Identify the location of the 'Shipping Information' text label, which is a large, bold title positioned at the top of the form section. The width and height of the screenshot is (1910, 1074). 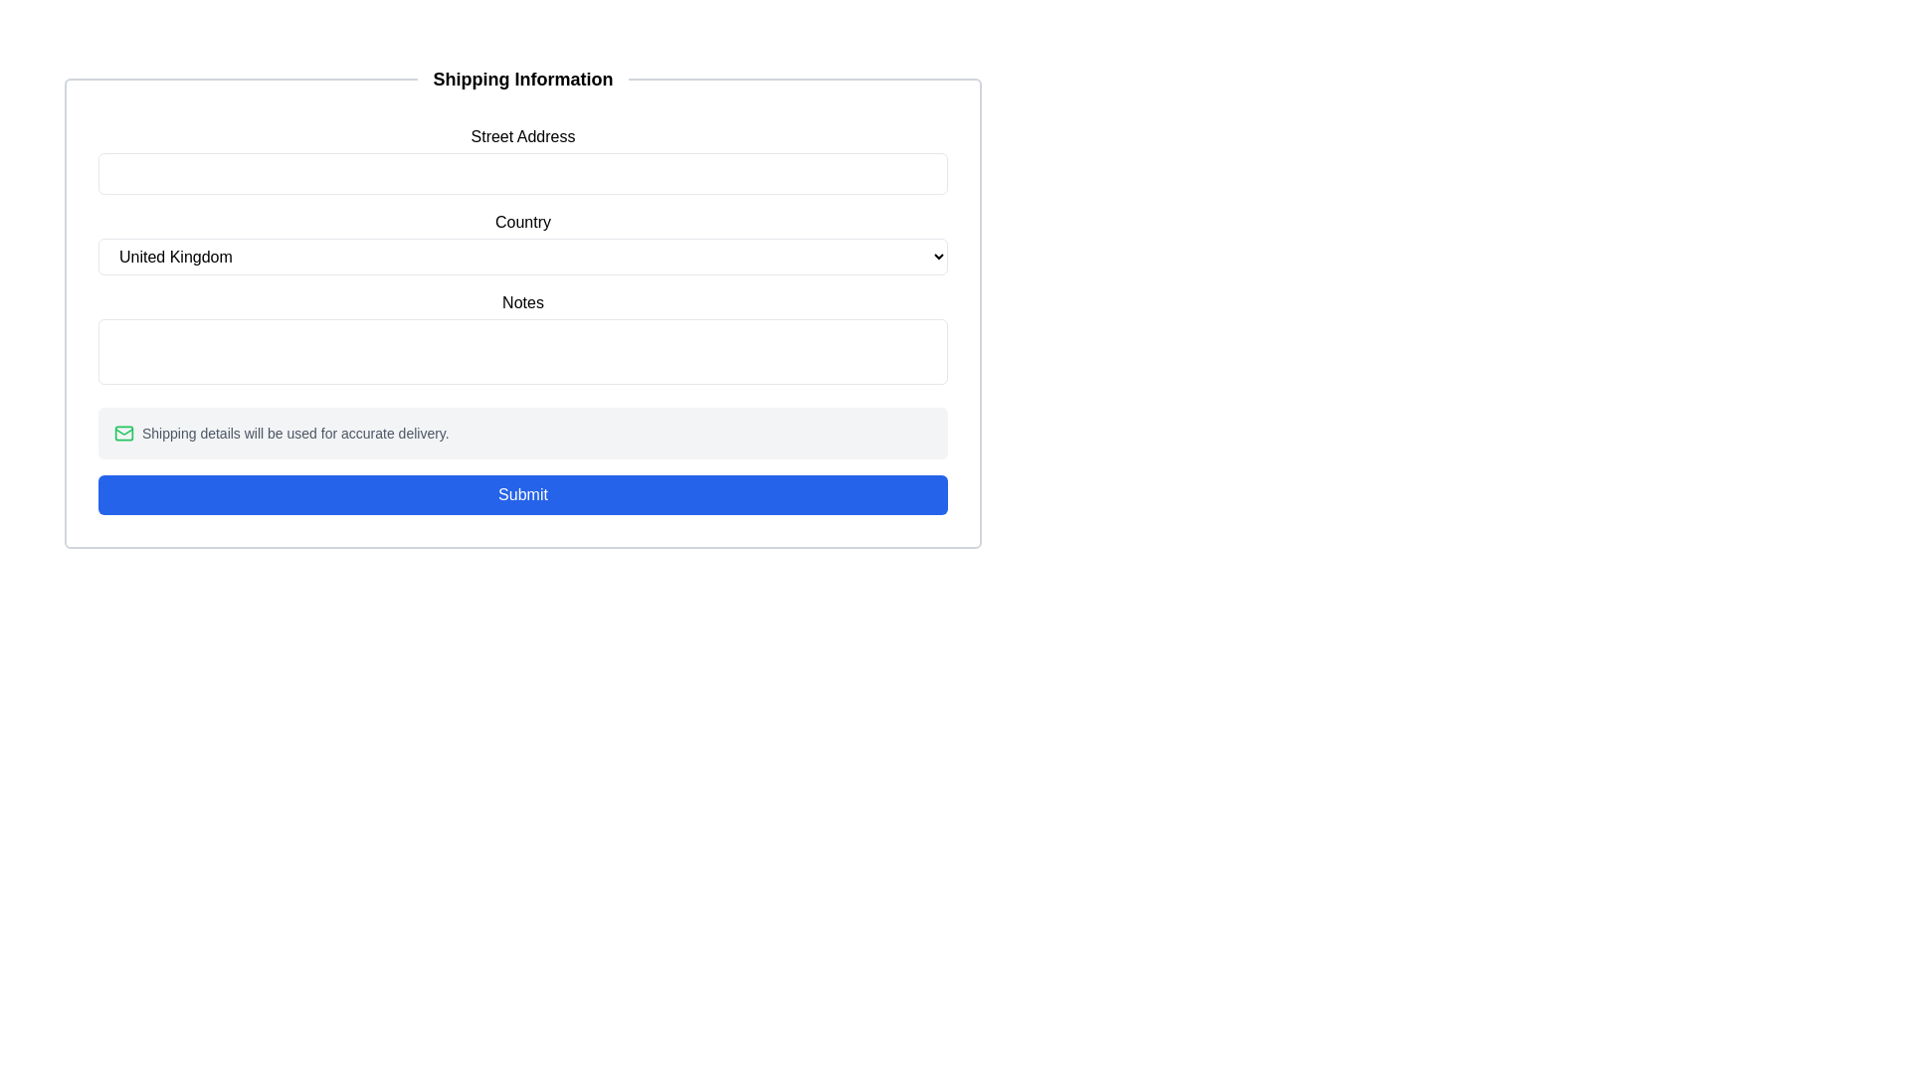
(523, 79).